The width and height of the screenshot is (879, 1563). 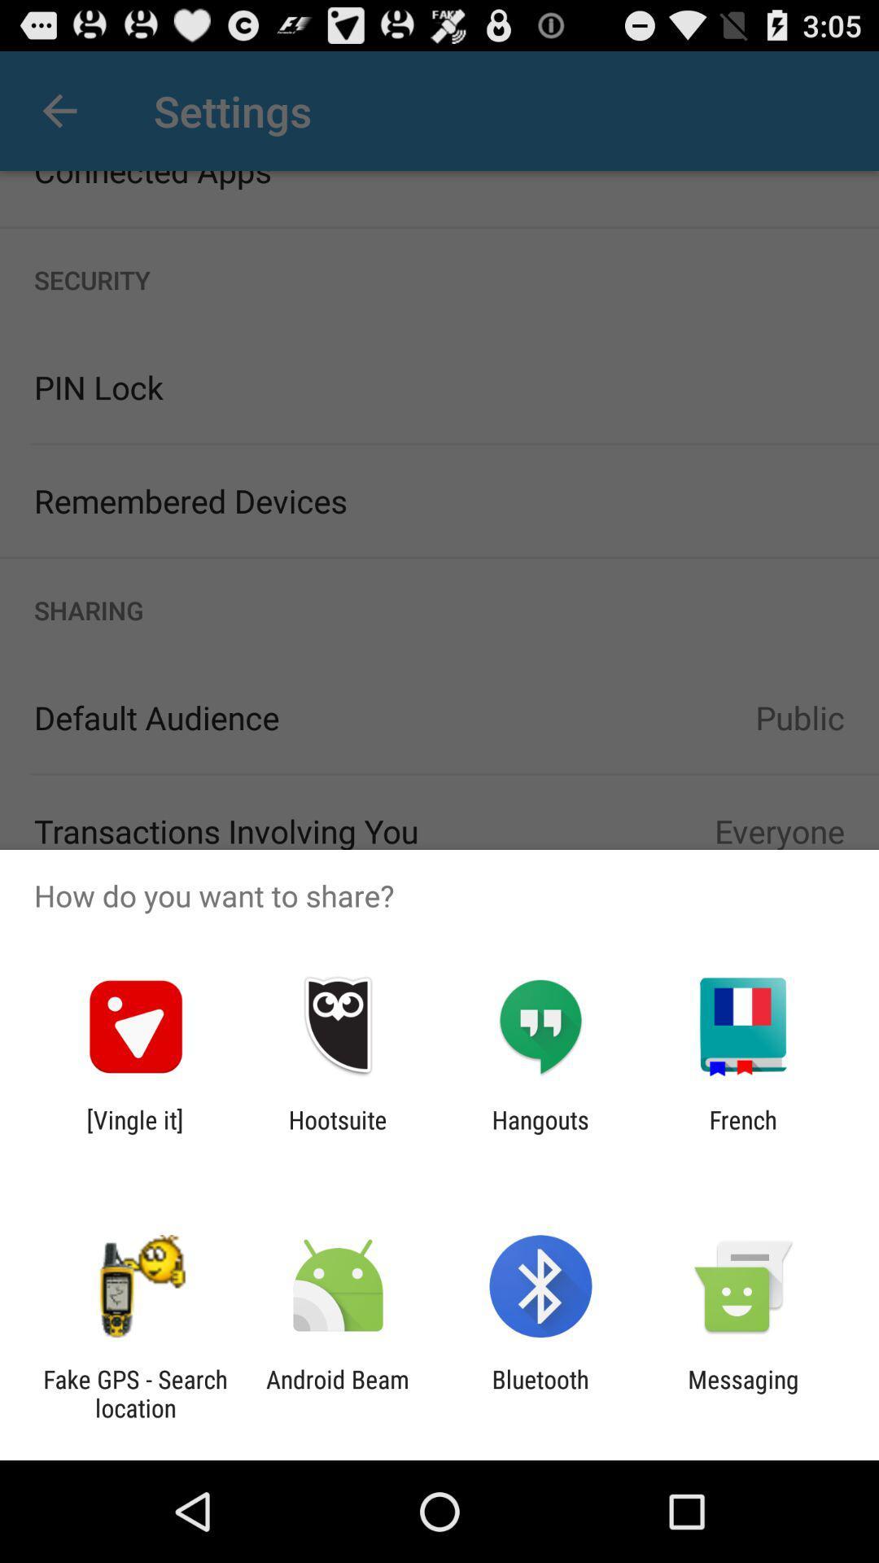 What do you see at coordinates (337, 1393) in the screenshot?
I see `the icon to the right of the fake gps search app` at bounding box center [337, 1393].